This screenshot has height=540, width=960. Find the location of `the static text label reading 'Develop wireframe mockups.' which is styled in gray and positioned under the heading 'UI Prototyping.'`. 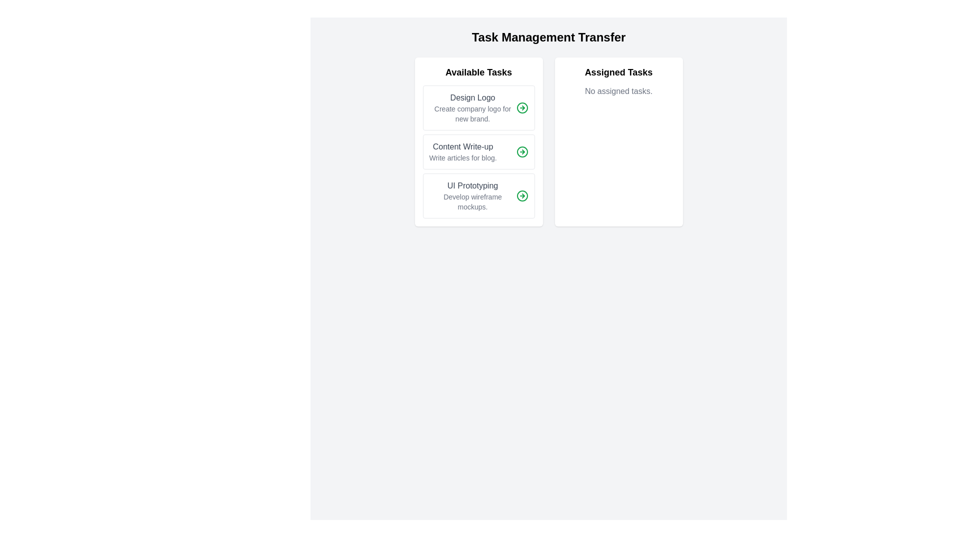

the static text label reading 'Develop wireframe mockups.' which is styled in gray and positioned under the heading 'UI Prototyping.' is located at coordinates (472, 202).